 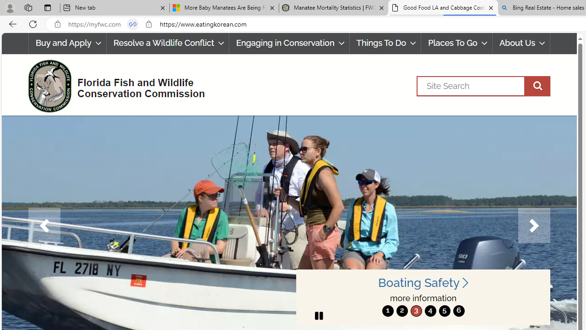 I want to click on 'Places To Go', so click(x=456, y=43).